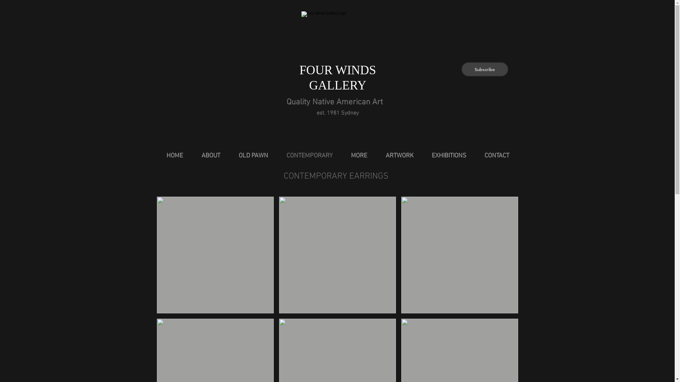 This screenshot has width=680, height=382. I want to click on 'CONTACT', so click(496, 155).